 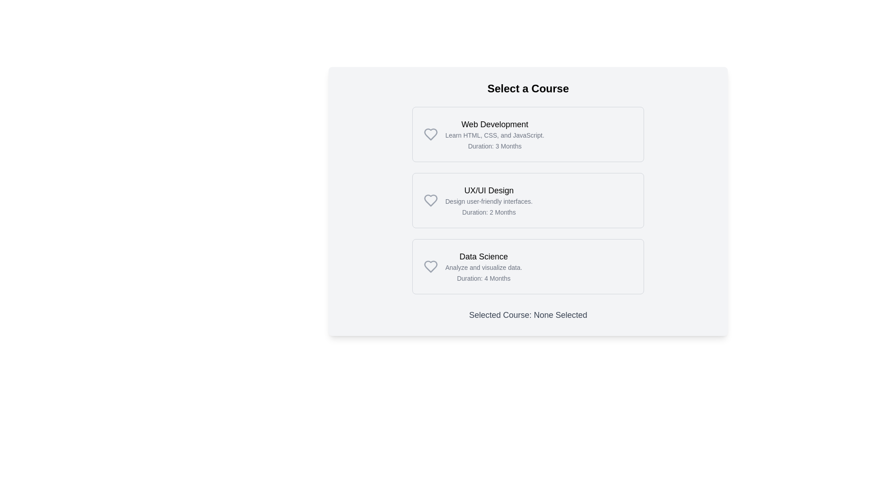 What do you see at coordinates (488, 212) in the screenshot?
I see `the informational text stating 'Duration: 2 Months.' to trigger any potential tooltip or change` at bounding box center [488, 212].